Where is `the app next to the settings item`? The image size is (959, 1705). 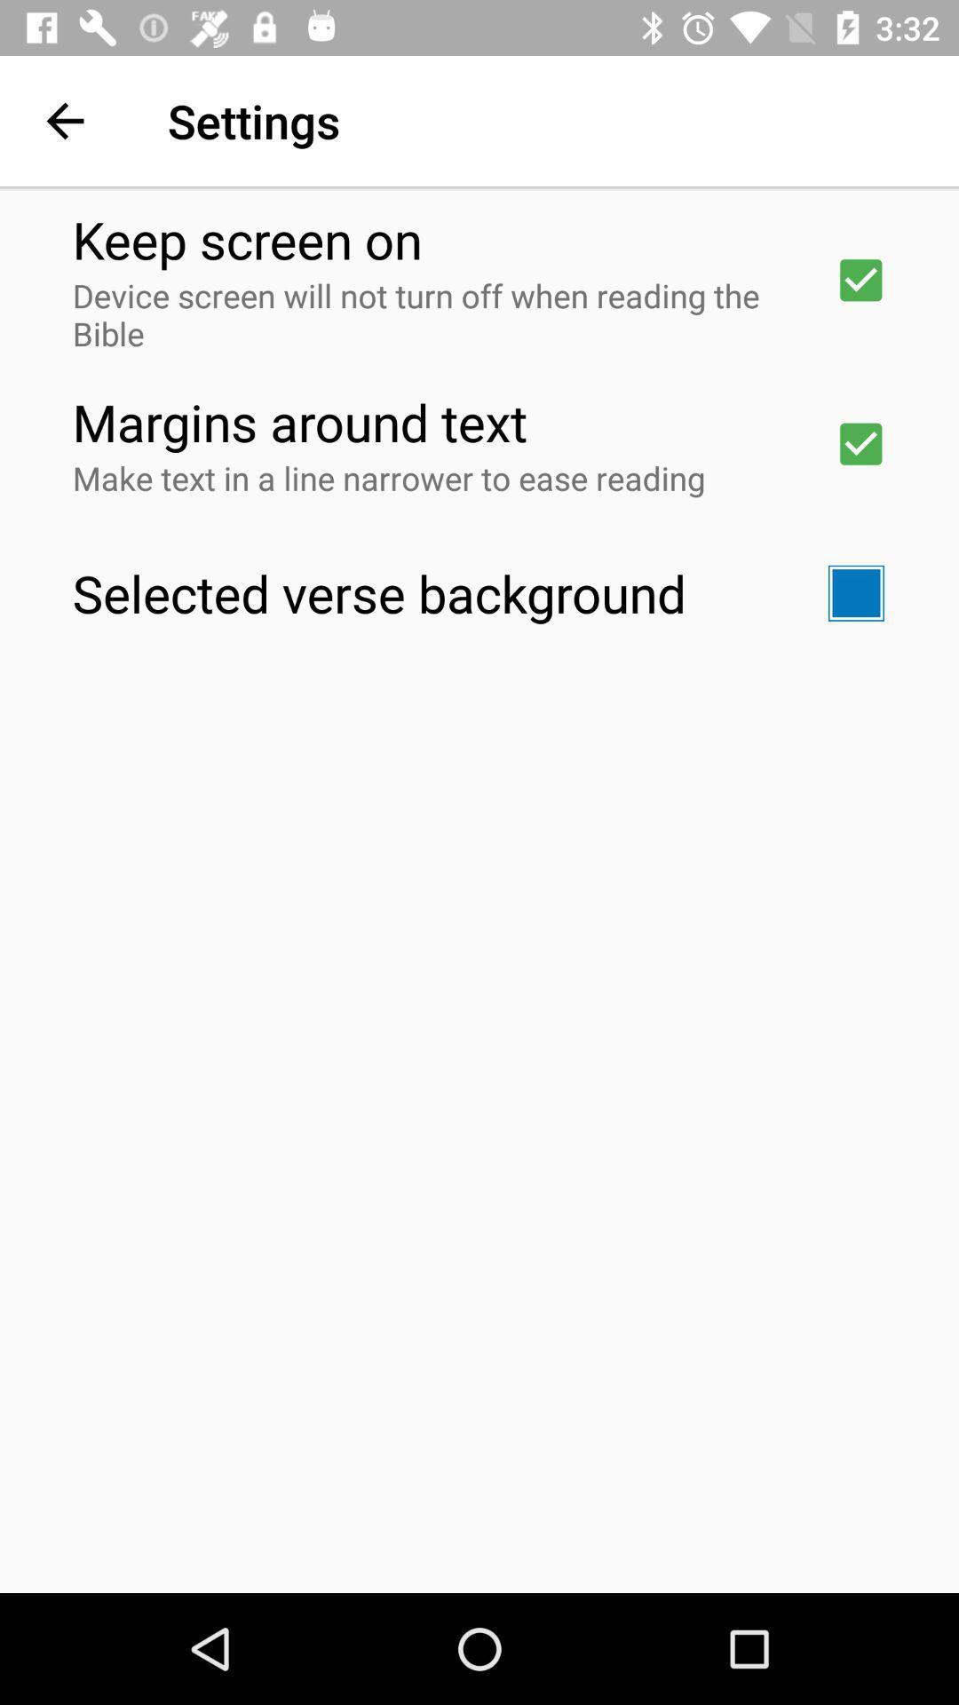 the app next to the settings item is located at coordinates (64, 120).